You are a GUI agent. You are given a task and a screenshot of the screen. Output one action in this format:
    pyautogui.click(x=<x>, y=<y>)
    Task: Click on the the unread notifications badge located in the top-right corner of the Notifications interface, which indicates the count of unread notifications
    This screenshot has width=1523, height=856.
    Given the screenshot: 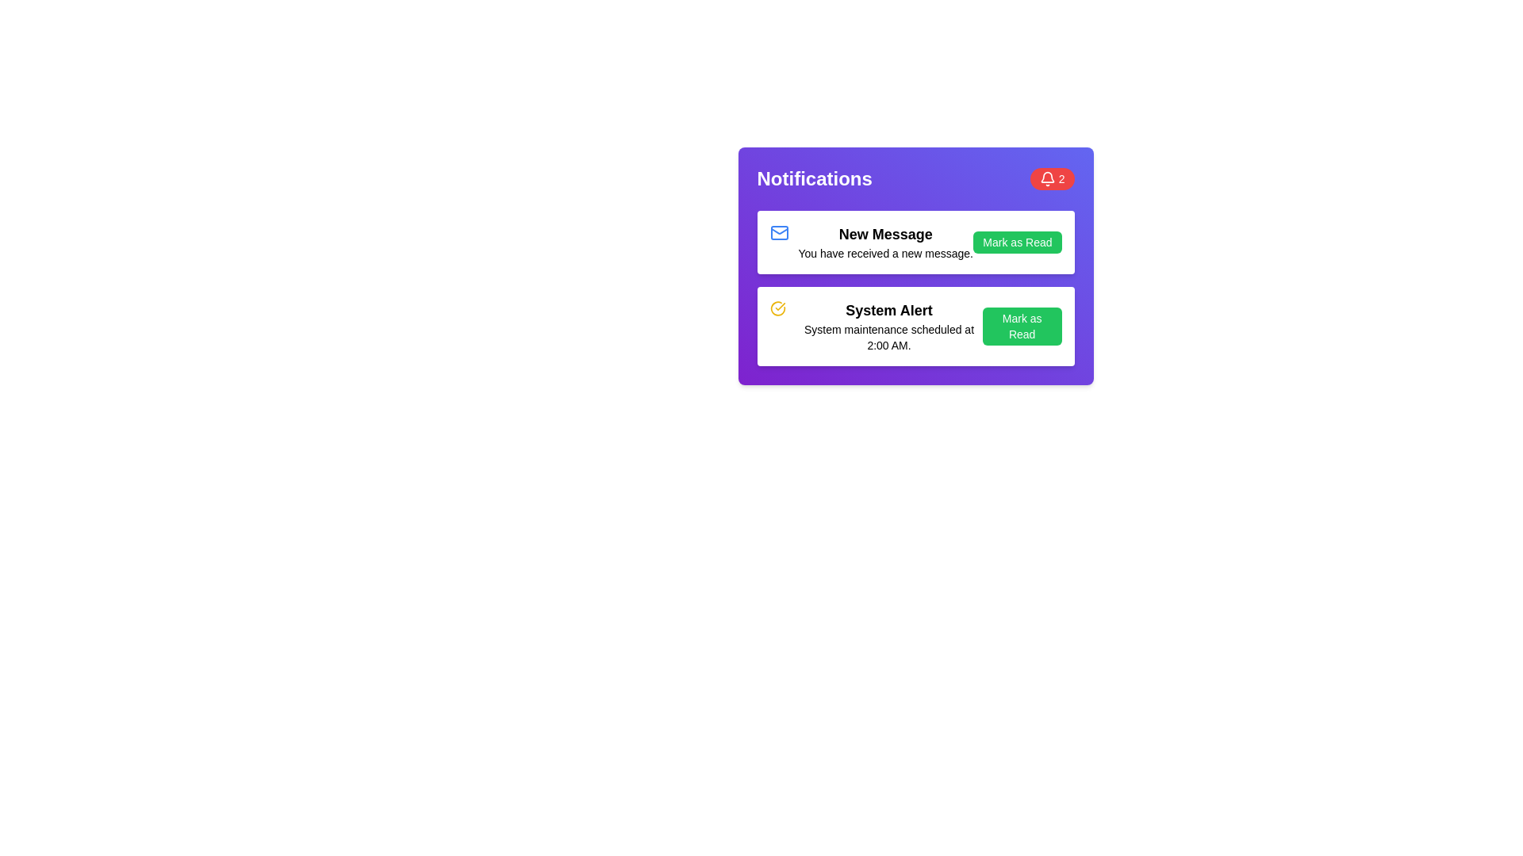 What is the action you would take?
    pyautogui.click(x=1052, y=178)
    